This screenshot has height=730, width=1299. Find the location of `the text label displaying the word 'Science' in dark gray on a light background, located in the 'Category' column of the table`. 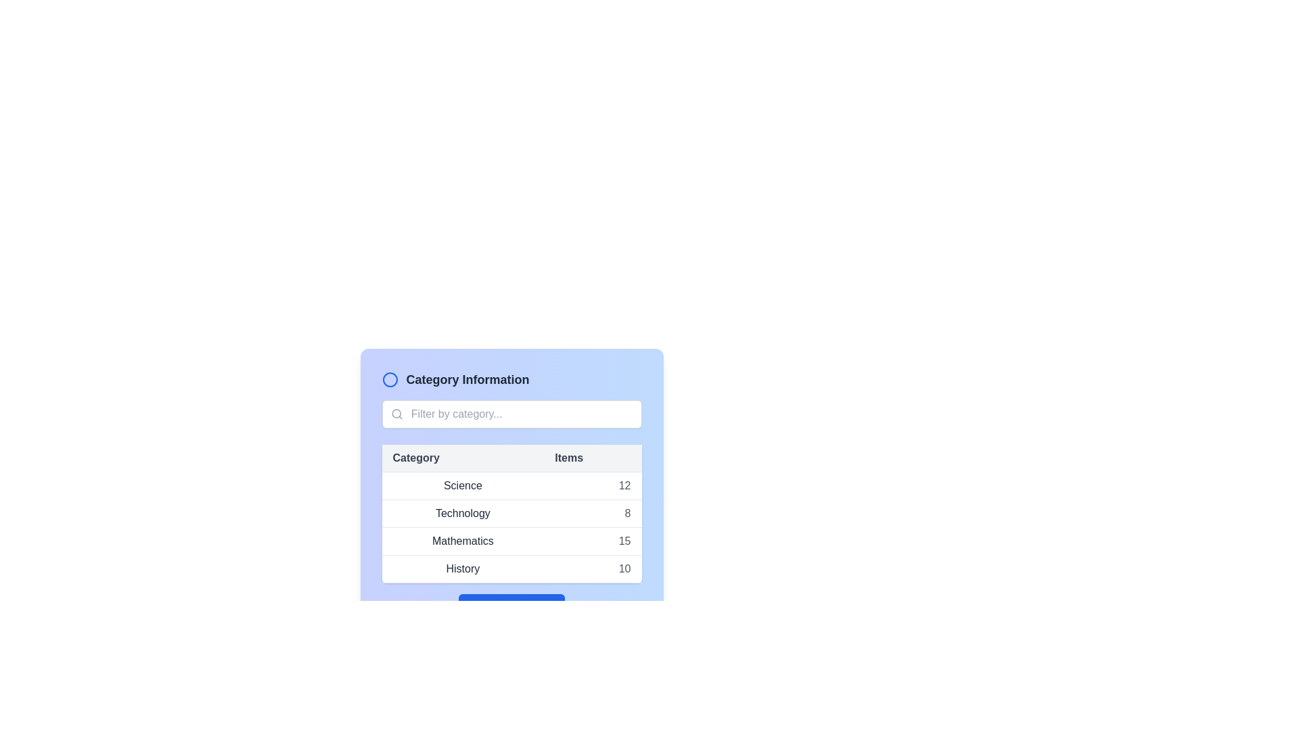

the text label displaying the word 'Science' in dark gray on a light background, located in the 'Category' column of the table is located at coordinates (463, 485).